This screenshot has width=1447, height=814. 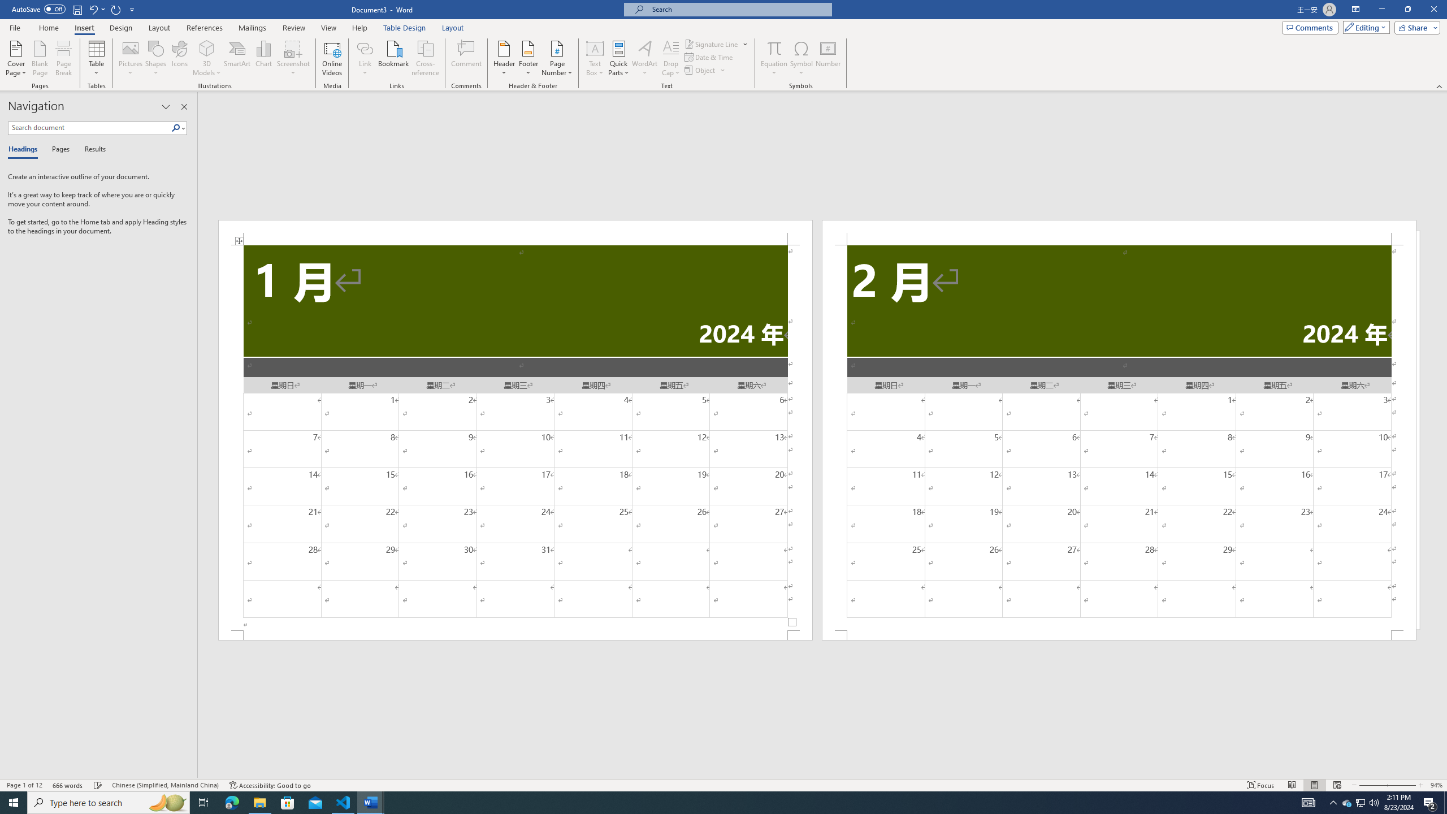 I want to click on 'Screenshot', so click(x=293, y=58).